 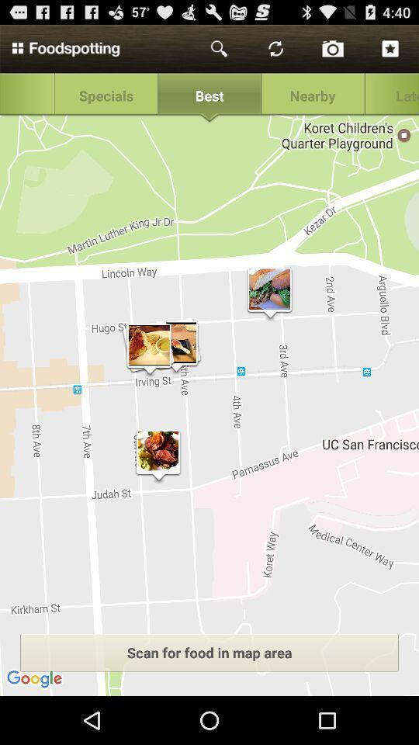 I want to click on search icon next to foodspotting, so click(x=219, y=49).